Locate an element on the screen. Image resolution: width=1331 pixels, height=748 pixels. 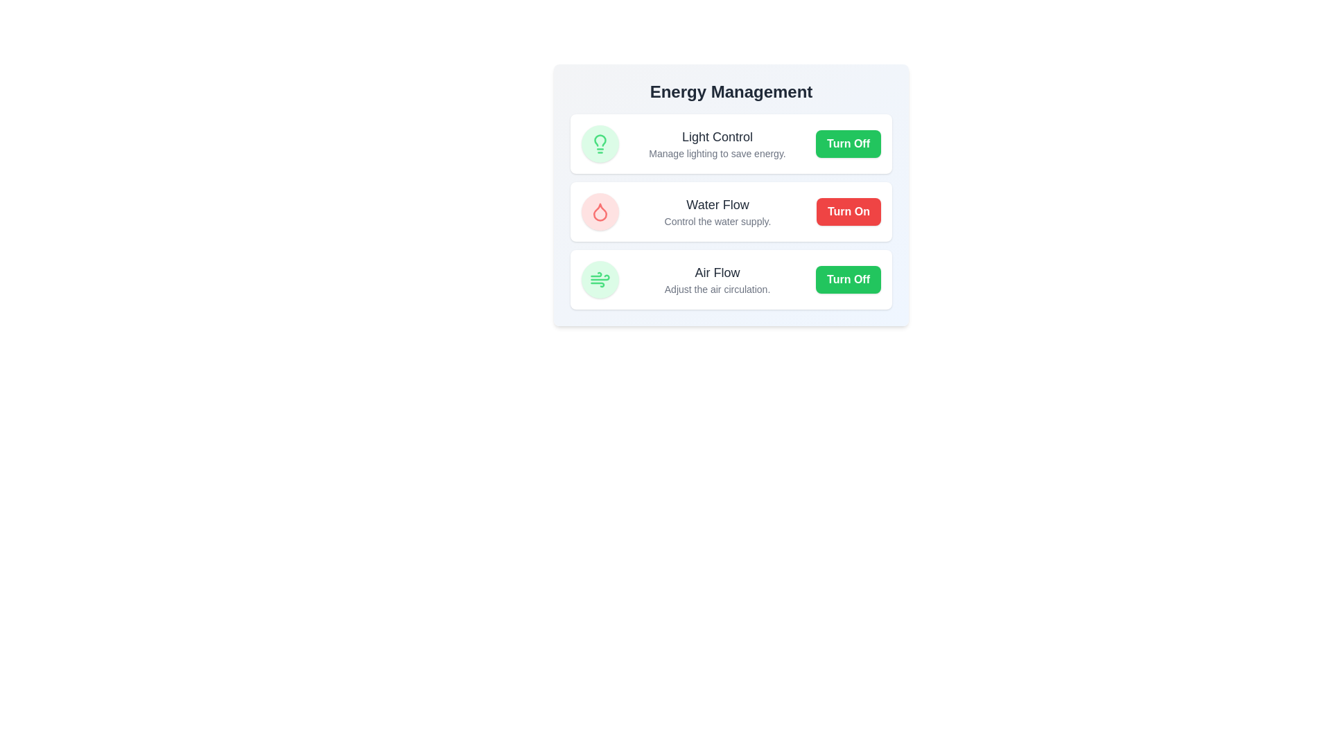
the 'Light Control' icon in the energy management interface, located in the topmost row, far left, adjacent to the text 'Light Control' is located at coordinates (600, 144).